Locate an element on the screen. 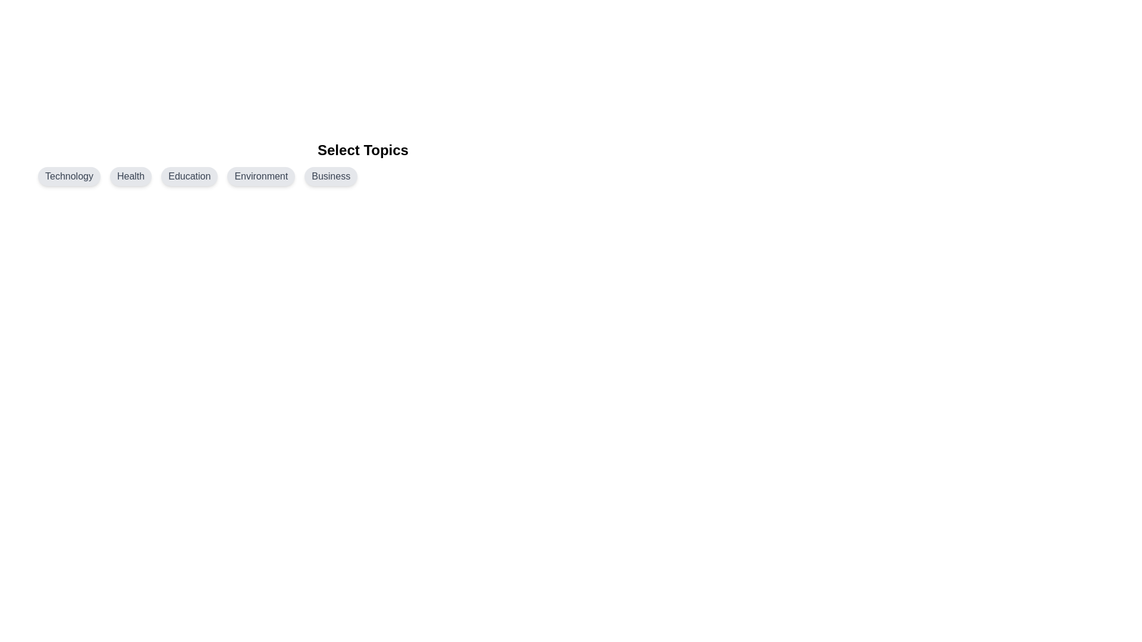 The height and width of the screenshot is (642, 1142). the topic chip labeled Environment by clicking on it is located at coordinates (260, 177).